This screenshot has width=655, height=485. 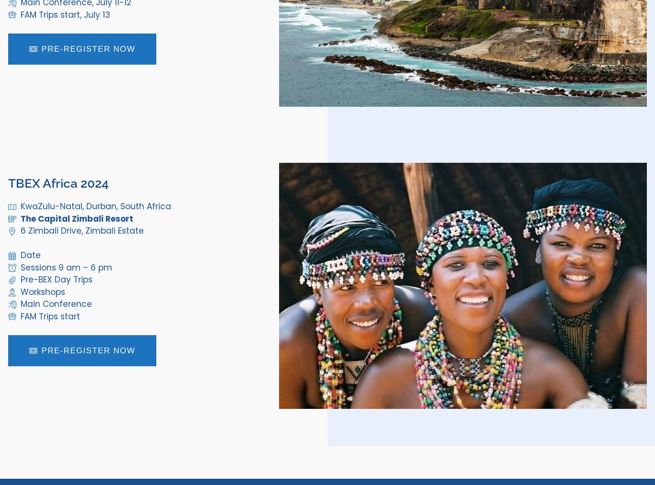 I want to click on 'FAM Trips start', so click(x=49, y=315).